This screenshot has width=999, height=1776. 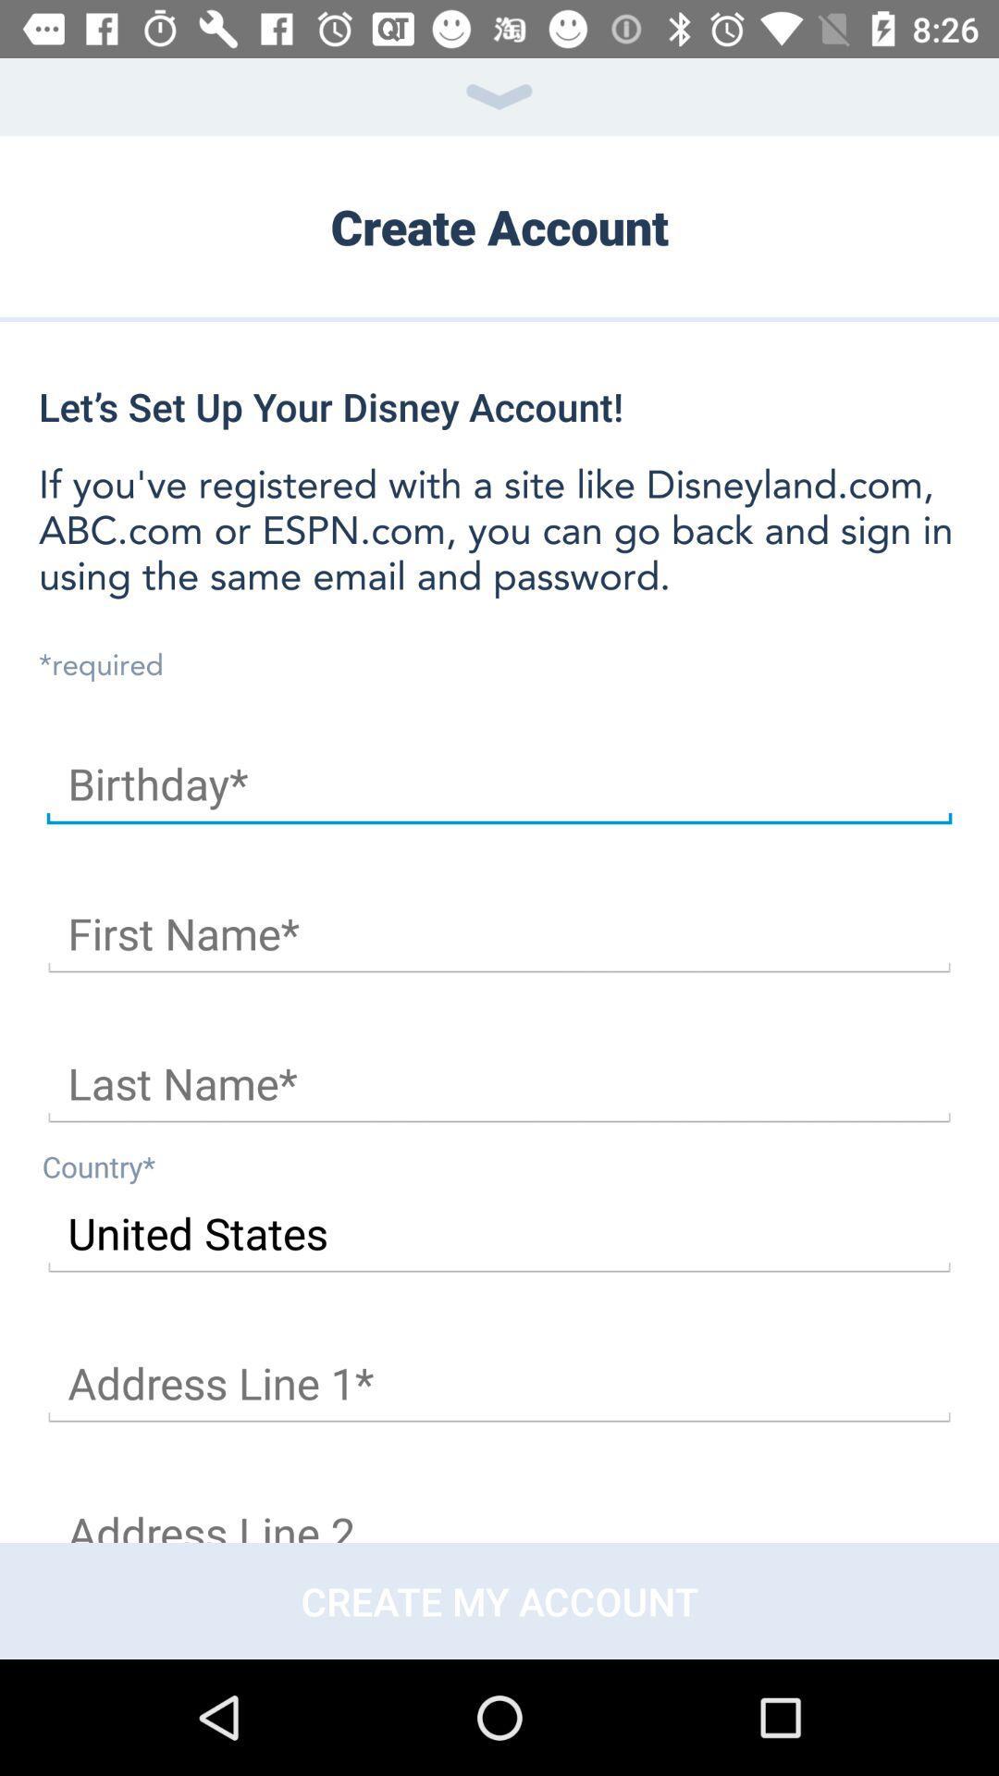 What do you see at coordinates (499, 1514) in the screenshot?
I see `address line or address field` at bounding box center [499, 1514].